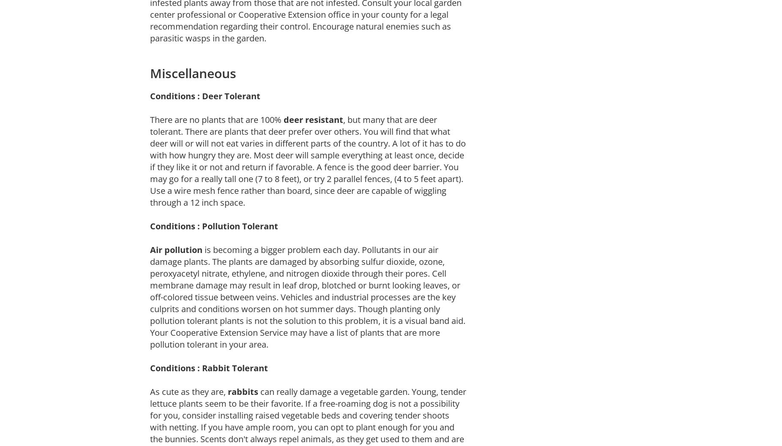 The image size is (782, 446). I want to click on 'deer resistant', so click(313, 119).